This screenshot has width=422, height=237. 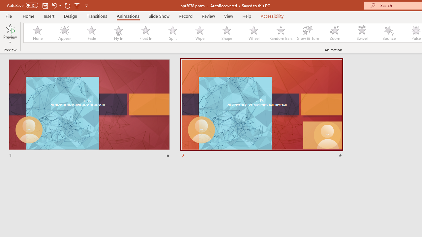 What do you see at coordinates (227, 33) in the screenshot?
I see `'Shape'` at bounding box center [227, 33].